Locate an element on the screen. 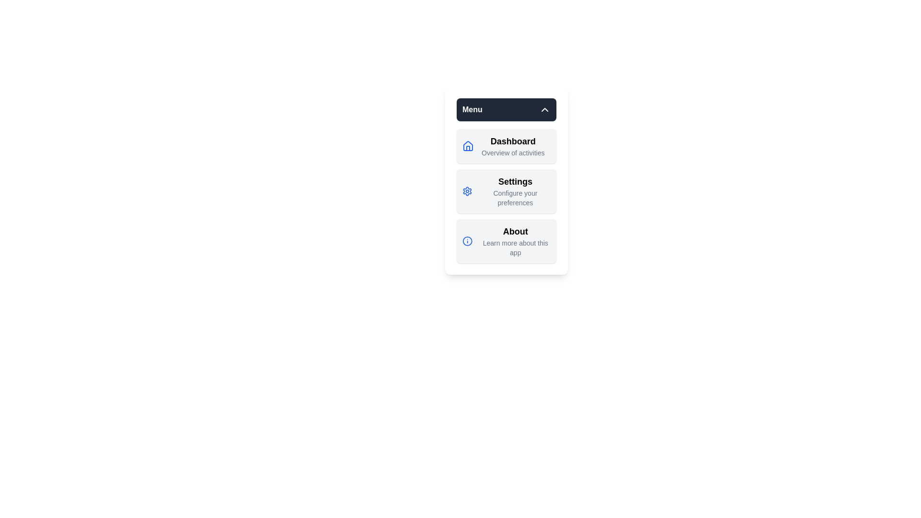 The image size is (921, 518). the menu toggle button to change its state is located at coordinates (506, 109).